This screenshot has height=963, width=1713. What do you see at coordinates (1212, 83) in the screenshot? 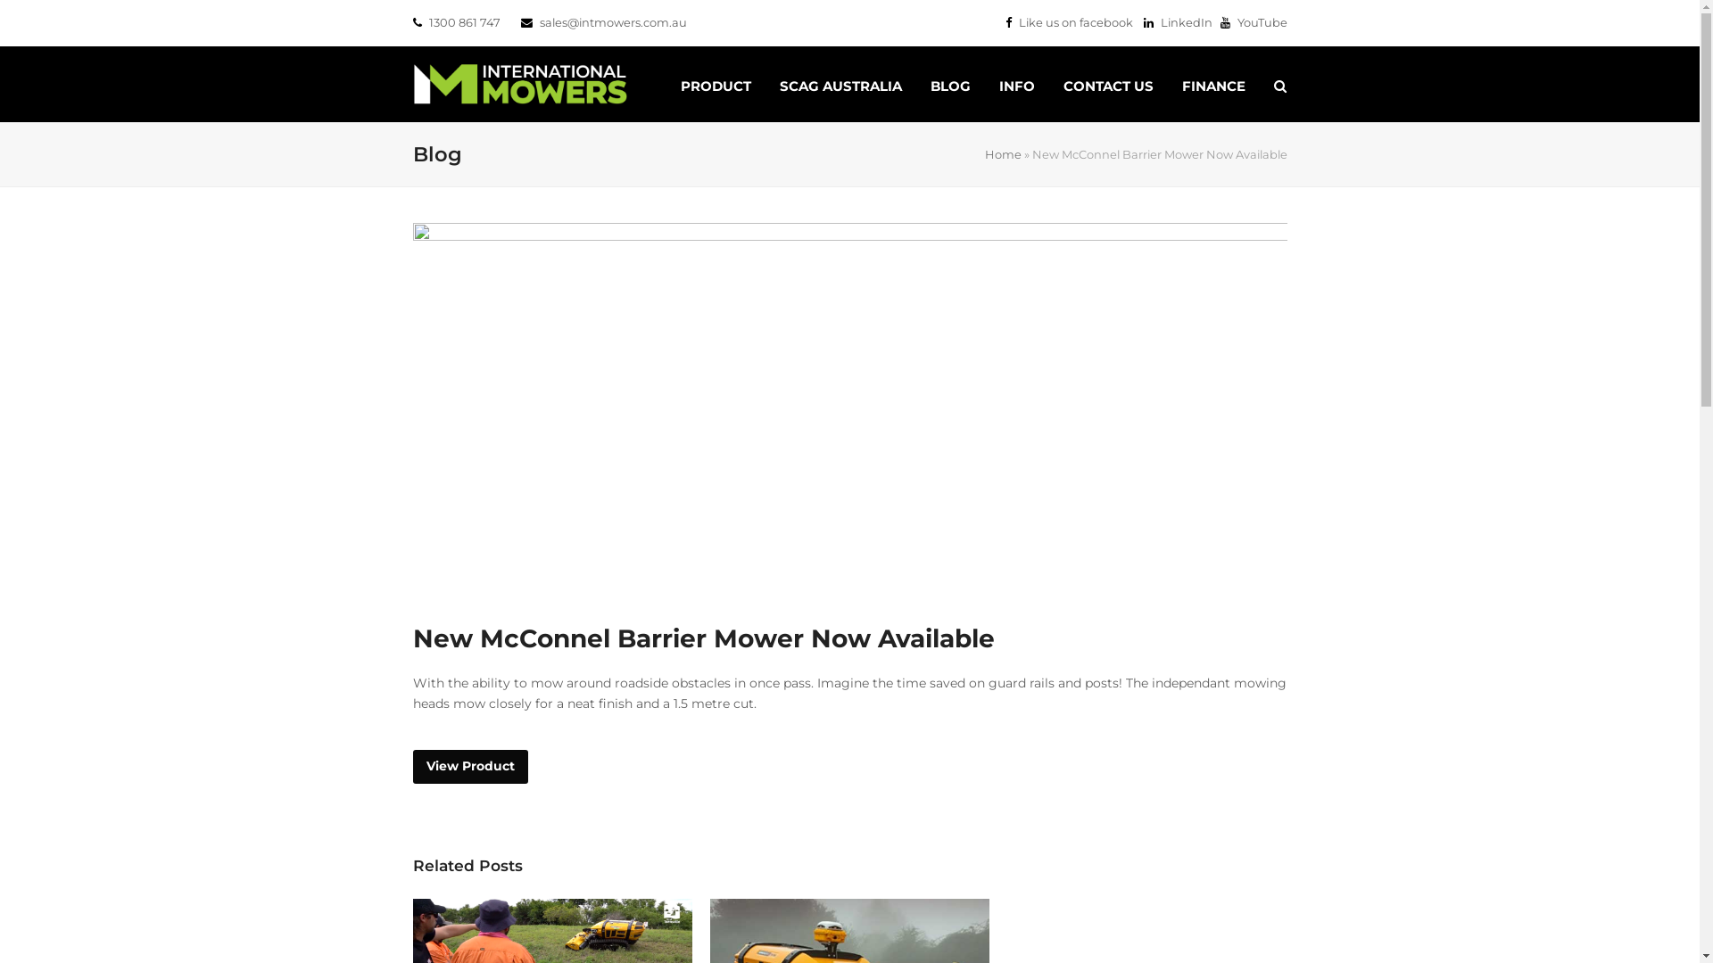
I see `'FINANCE'` at bounding box center [1212, 83].